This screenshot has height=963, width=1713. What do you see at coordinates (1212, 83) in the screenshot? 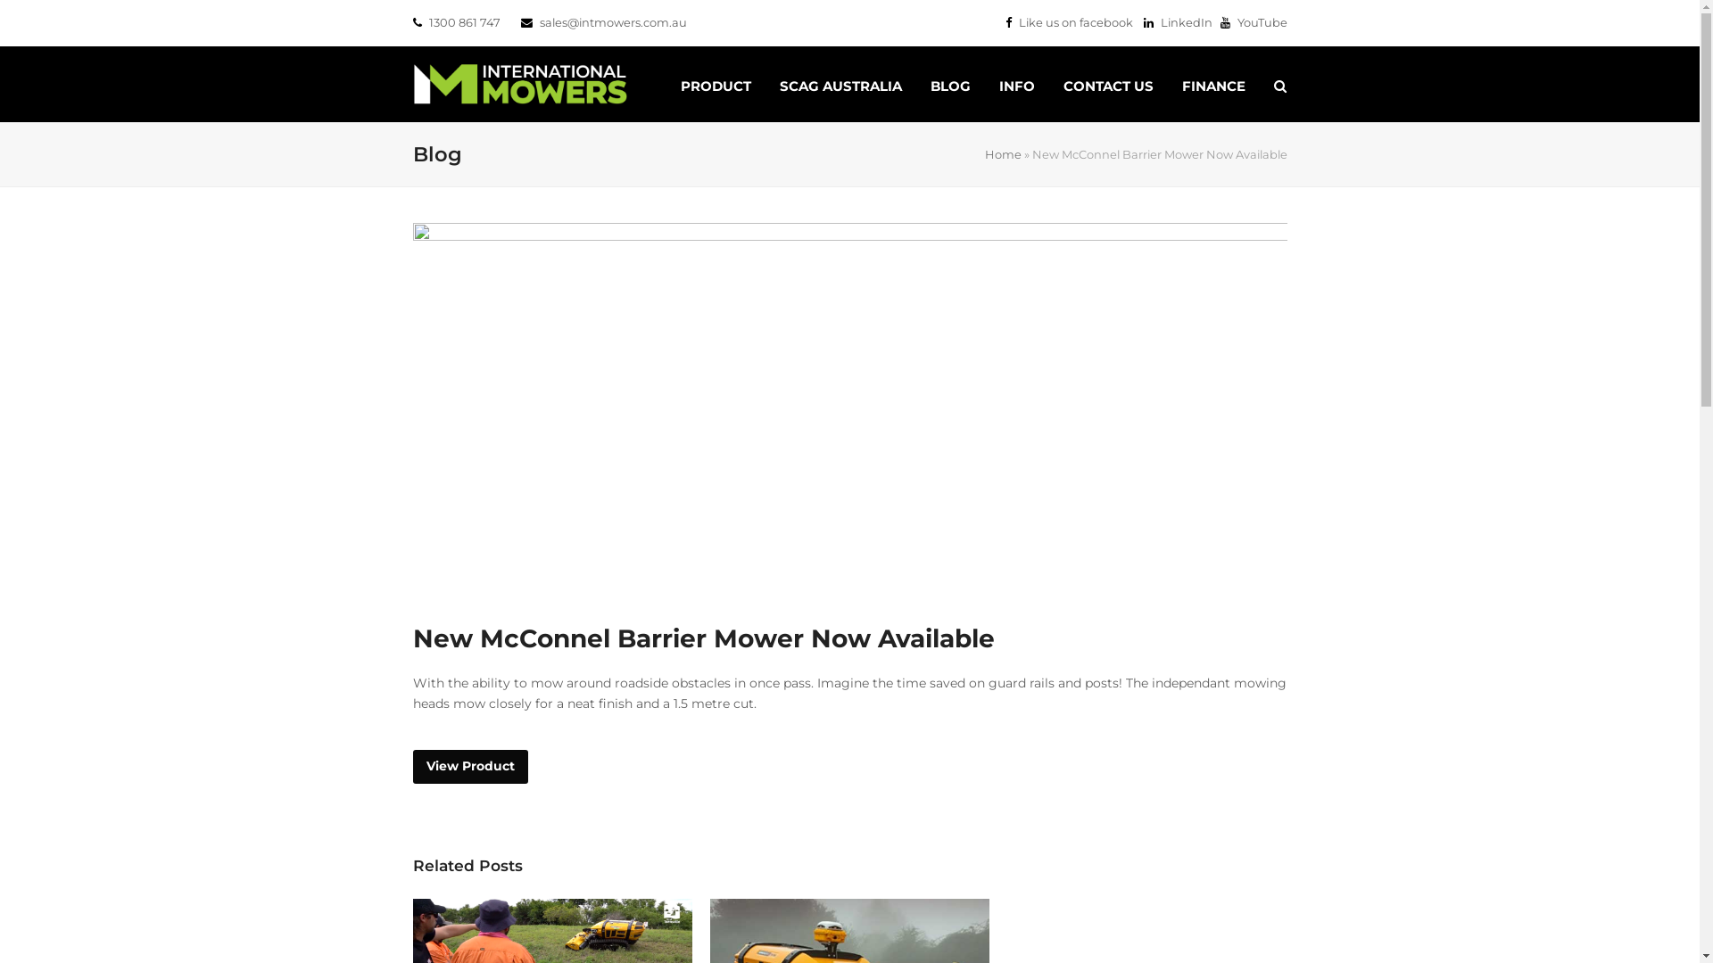
I see `'FINANCE'` at bounding box center [1212, 83].